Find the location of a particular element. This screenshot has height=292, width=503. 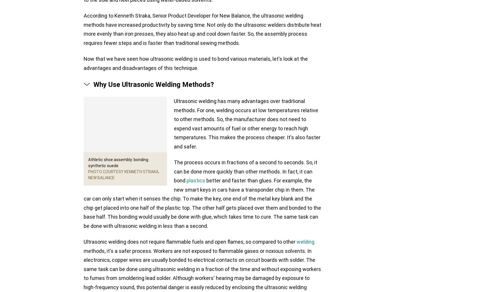

'better and faster than glues. For example, the new smart keys in cars have a transponder chip in them. The car can only start when it senses the chip. To make the key, one end of the metal key blank and the chip get placed into one half of the plastic top. The other half gets placed over them and bonded to the base half. This bonding would usually be done with glue, which takes time to cure. The same task can be done with ultrasonic welding in less than a second.' is located at coordinates (202, 203).